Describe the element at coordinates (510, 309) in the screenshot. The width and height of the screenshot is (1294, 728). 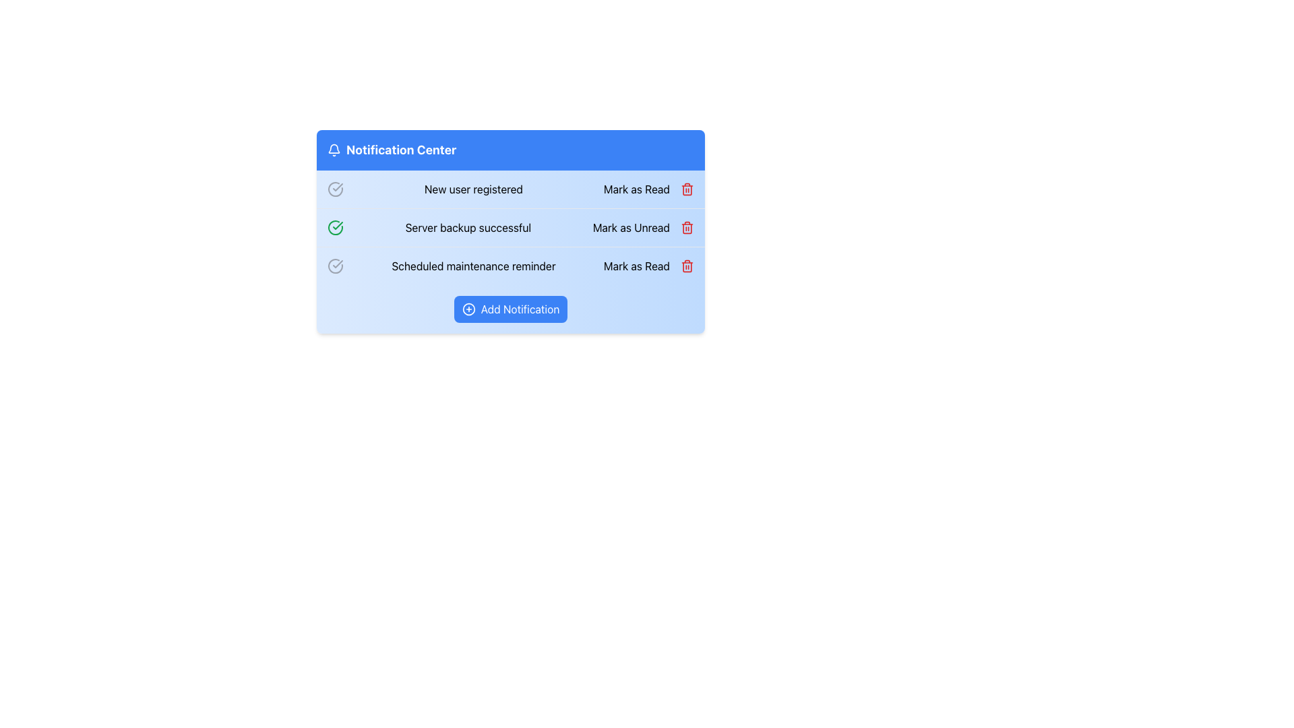
I see `the rounded blue button labeled 'Add Notification' that is located at the bottom center of the 'Notification Center' section` at that location.